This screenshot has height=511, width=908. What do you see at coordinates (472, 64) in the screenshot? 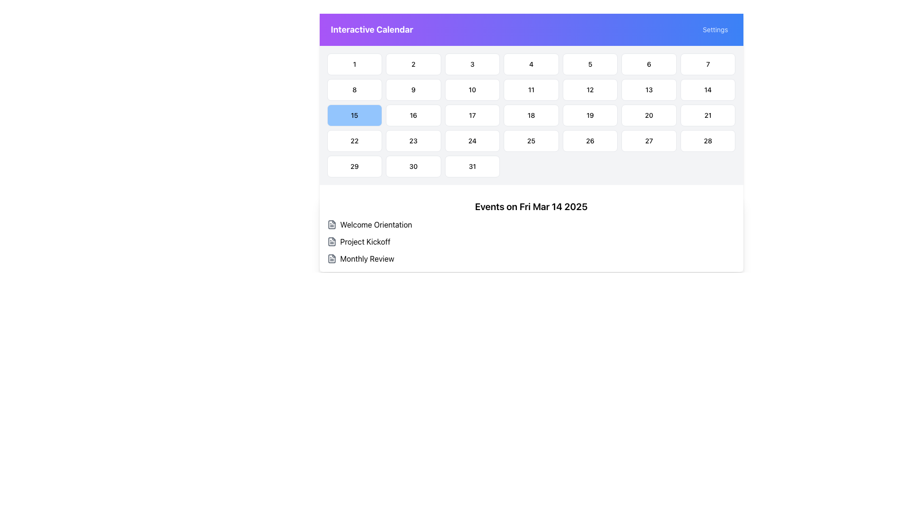
I see `the text label displaying the number '3' located in the first row and third column of the calendar layout` at bounding box center [472, 64].